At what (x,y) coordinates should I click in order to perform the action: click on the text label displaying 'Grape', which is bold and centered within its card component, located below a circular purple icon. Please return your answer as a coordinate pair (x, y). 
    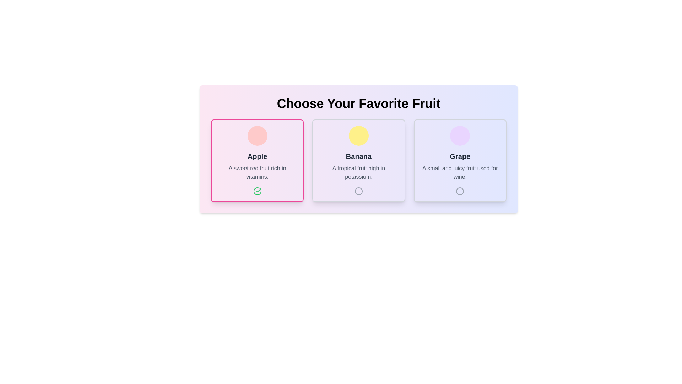
    Looking at the image, I should click on (460, 156).